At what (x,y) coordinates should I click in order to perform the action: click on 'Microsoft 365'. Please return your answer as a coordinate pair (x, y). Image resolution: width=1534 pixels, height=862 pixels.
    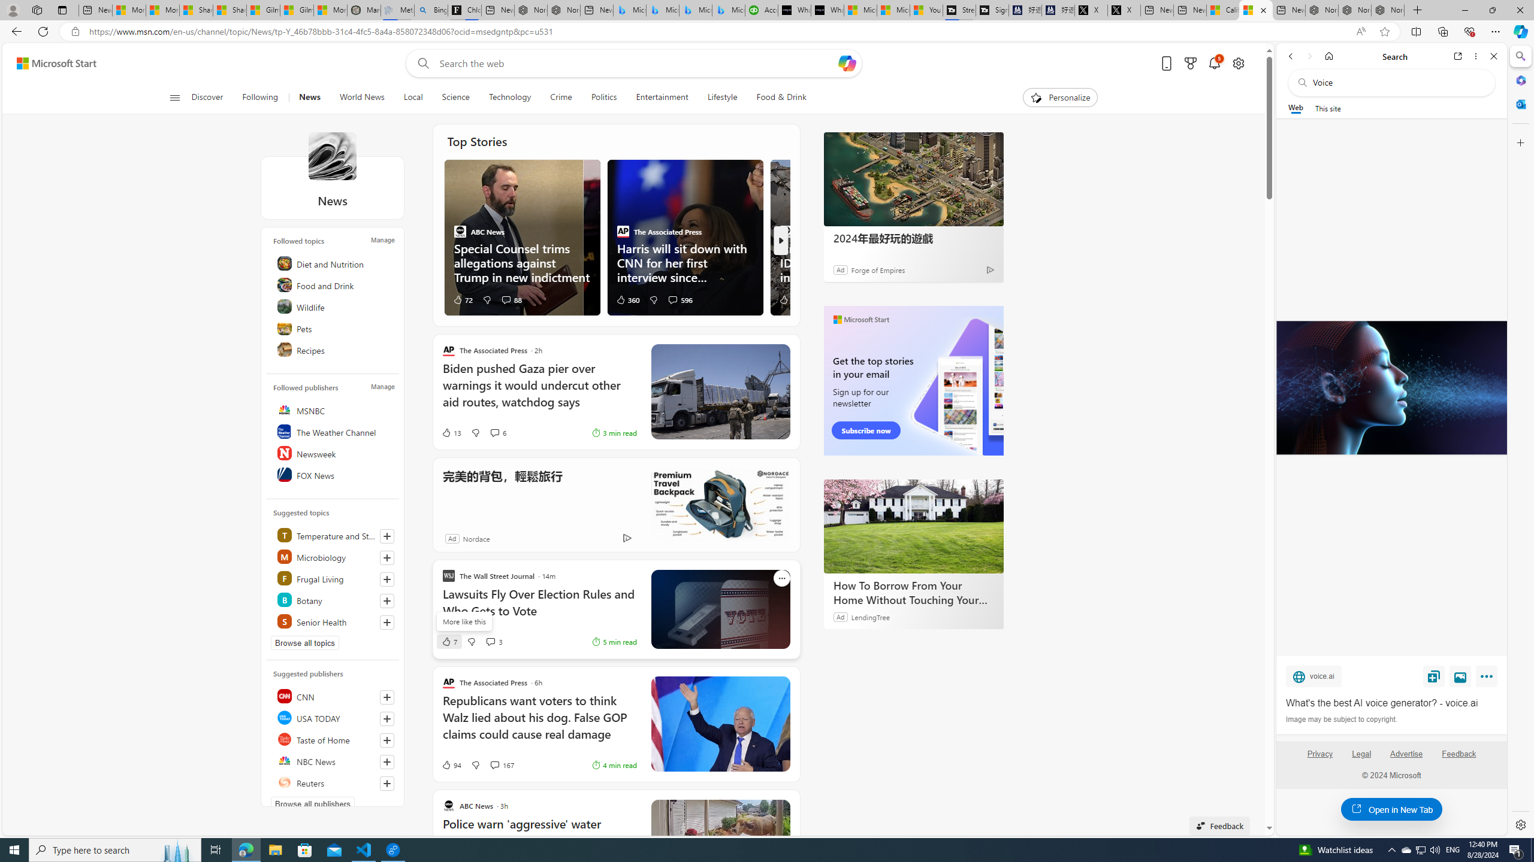
    Looking at the image, I should click on (1519, 80).